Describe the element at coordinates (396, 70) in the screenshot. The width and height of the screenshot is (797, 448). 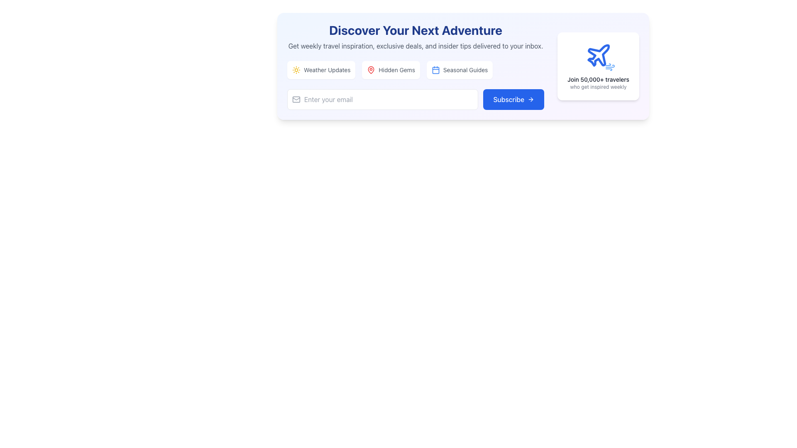
I see `the second text label representing a category or topic selection option, which is located within a white box with rounded corners and has a red pin icon to its left` at that location.